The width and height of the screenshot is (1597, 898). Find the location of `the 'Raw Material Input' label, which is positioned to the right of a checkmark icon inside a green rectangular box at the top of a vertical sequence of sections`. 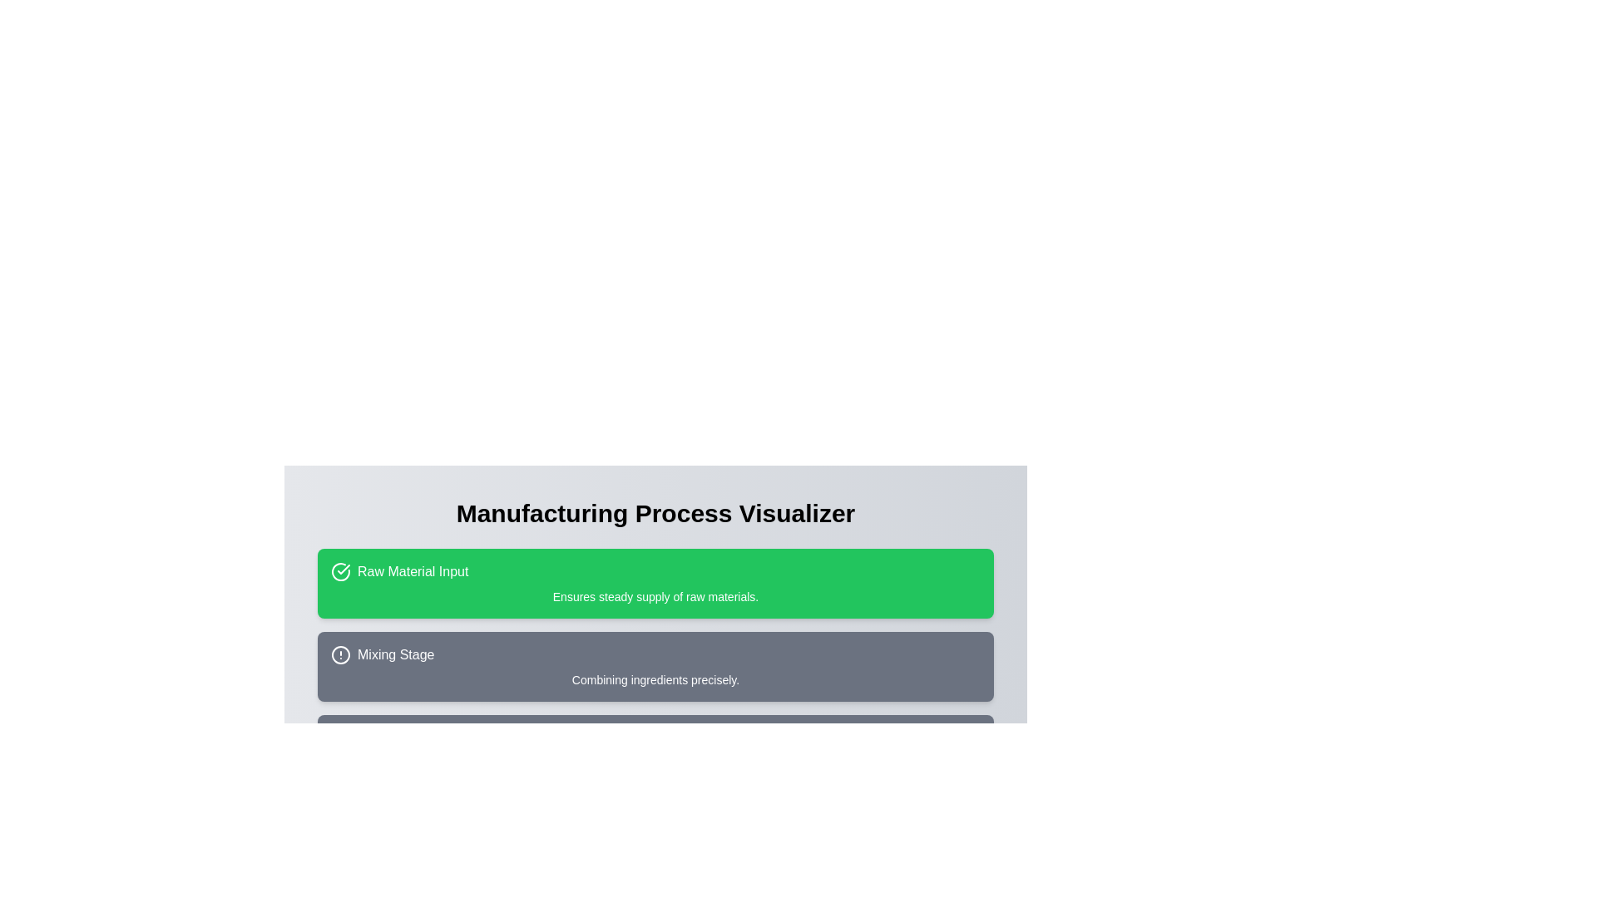

the 'Raw Material Input' label, which is positioned to the right of a checkmark icon inside a green rectangular box at the top of a vertical sequence of sections is located at coordinates (413, 570).